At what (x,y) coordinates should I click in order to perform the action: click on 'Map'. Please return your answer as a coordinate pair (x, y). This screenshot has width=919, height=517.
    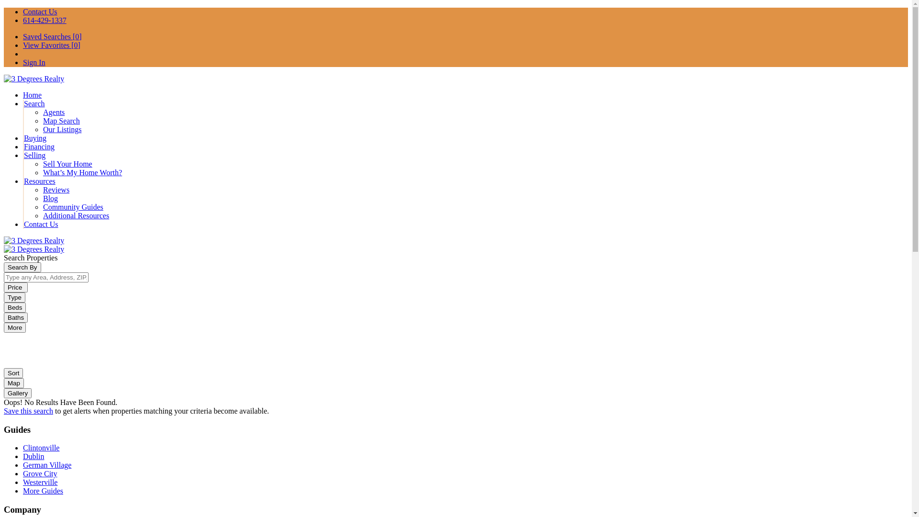
    Looking at the image, I should click on (13, 382).